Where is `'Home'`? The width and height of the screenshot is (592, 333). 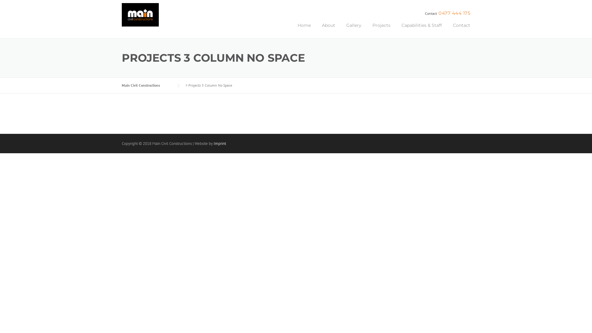 'Home' is located at coordinates (291, 30).